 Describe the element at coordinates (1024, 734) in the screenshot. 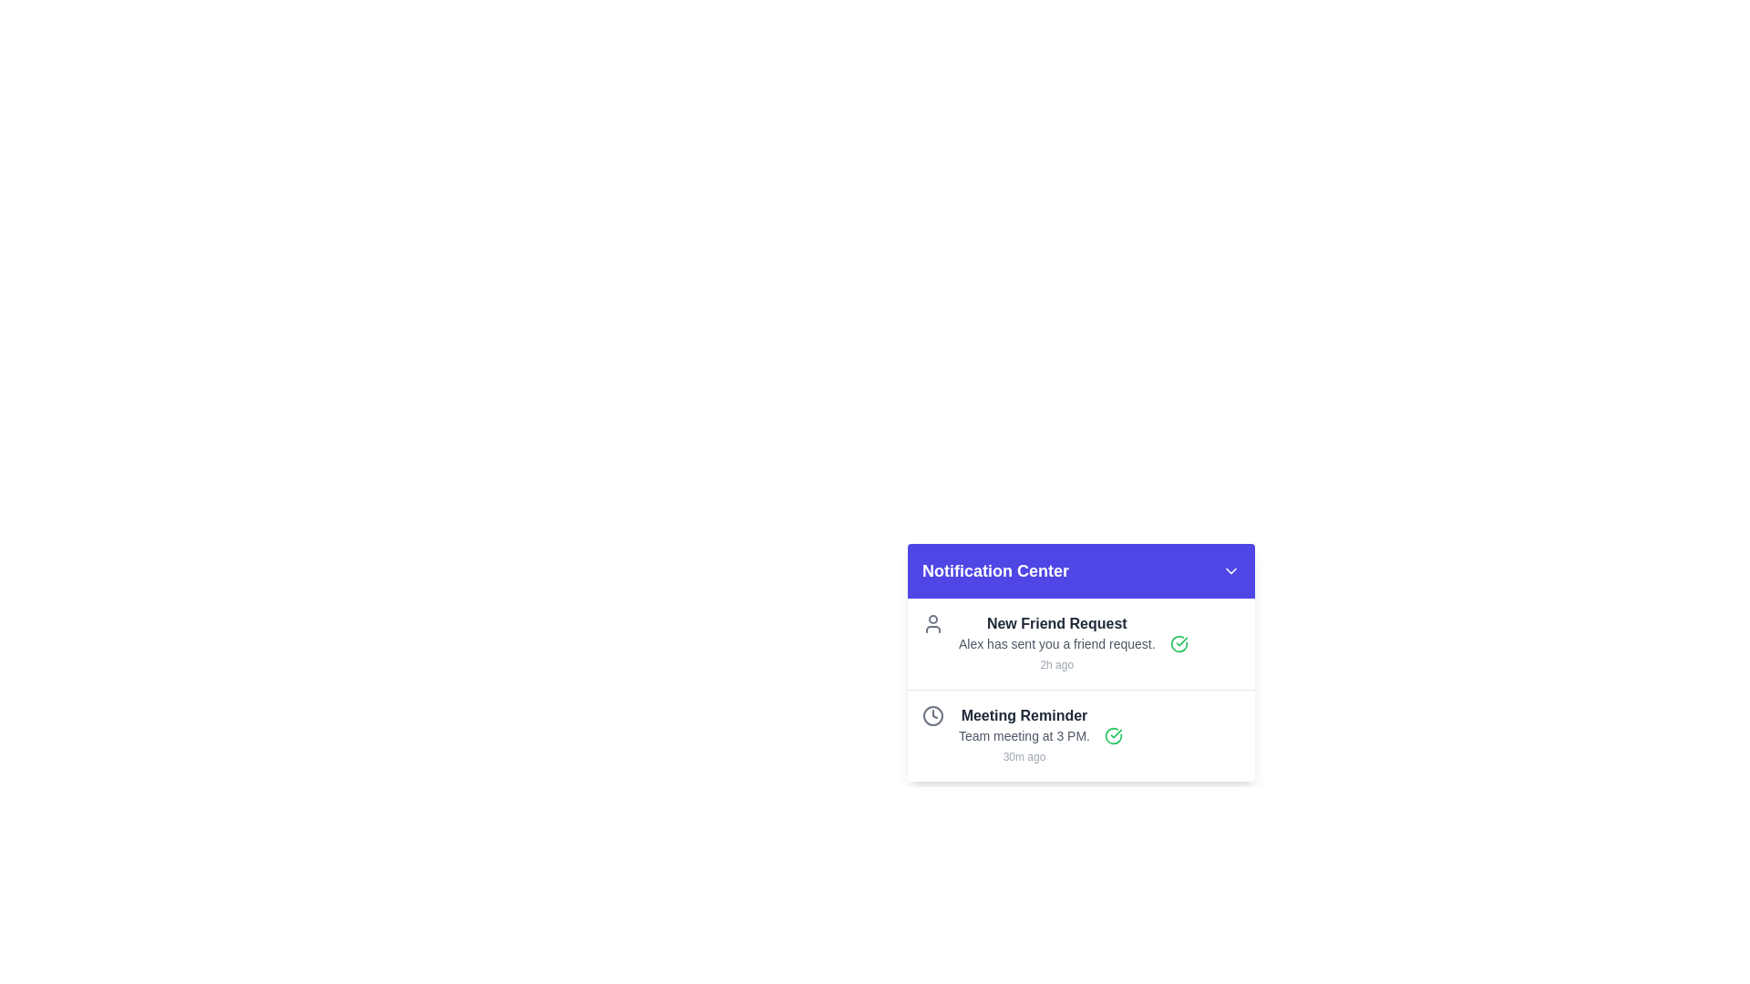

I see `the meeting reminder notification in the Notification Center panel, located in the second row below the 'New Friend Request' item` at that location.